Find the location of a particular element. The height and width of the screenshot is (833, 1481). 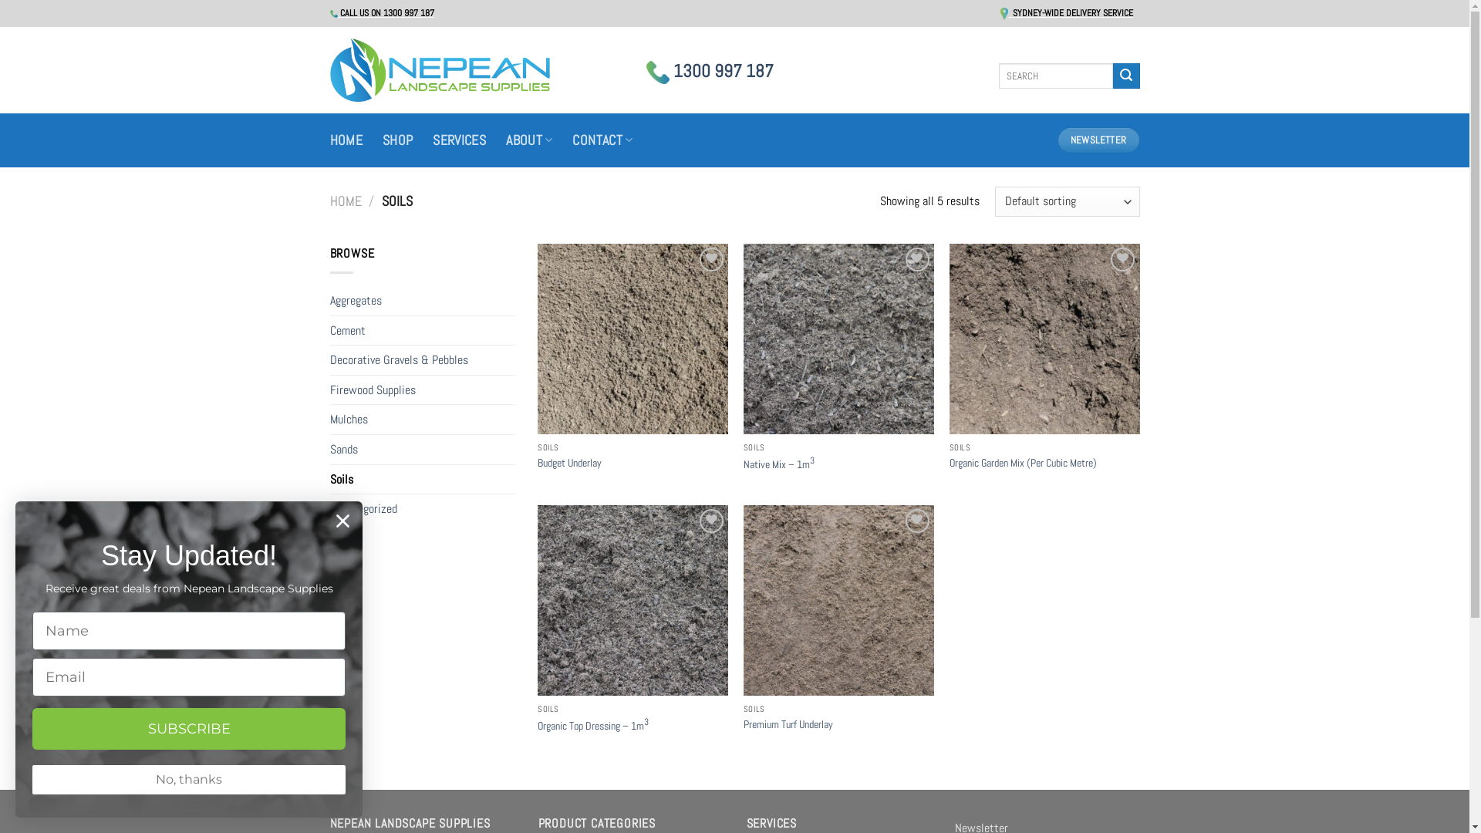

'HOME' is located at coordinates (329, 200).